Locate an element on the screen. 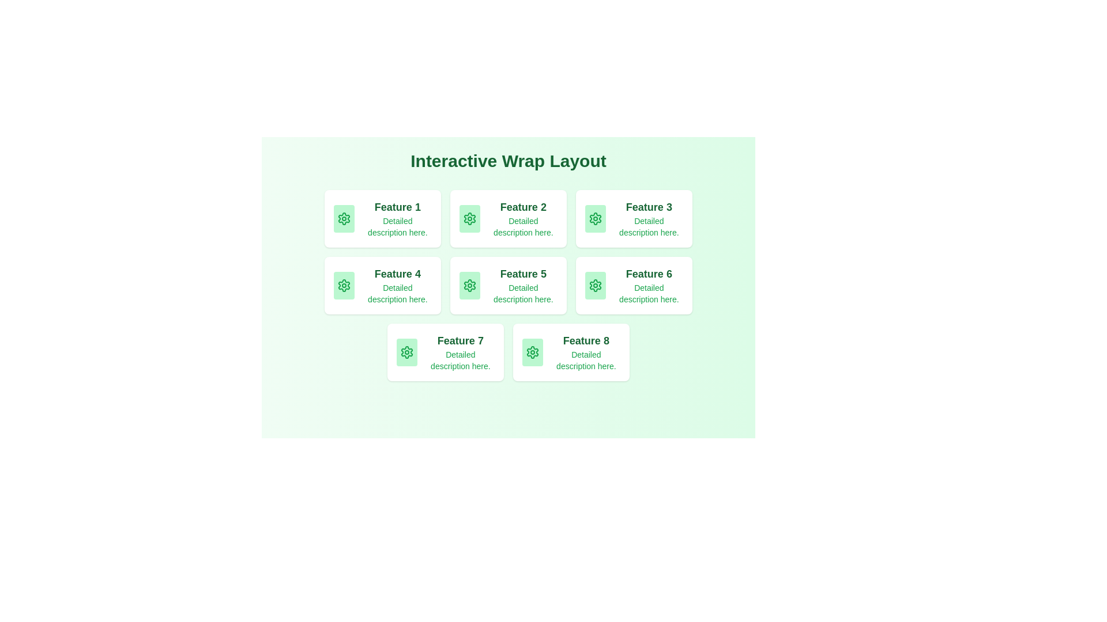 This screenshot has width=1107, height=622. the text block displaying information about 'Feature 8', located in the bottom row of the grid layout as the rightmost card is located at coordinates (586, 352).